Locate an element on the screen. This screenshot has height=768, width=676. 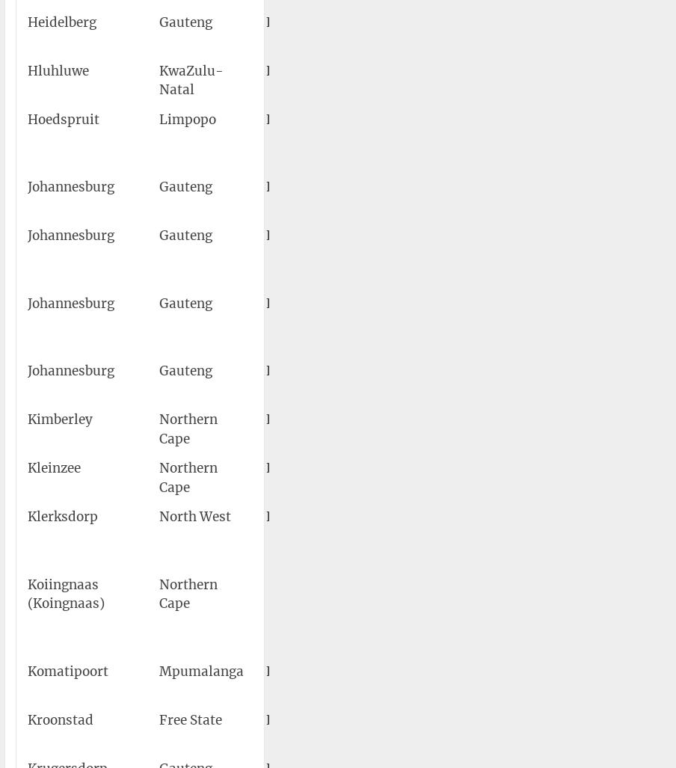
'O.R. Tambo International Airport' is located at coordinates (429, 321).